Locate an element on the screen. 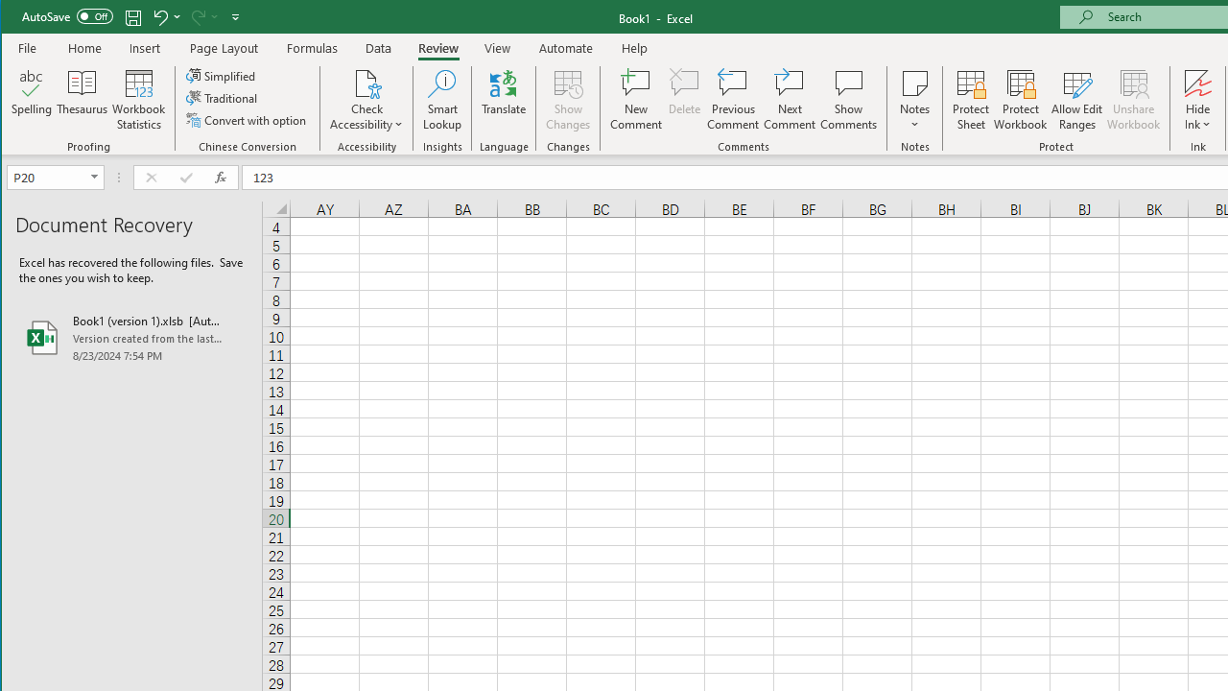 This screenshot has height=691, width=1228. 'Protect Sheet...' is located at coordinates (971, 100).